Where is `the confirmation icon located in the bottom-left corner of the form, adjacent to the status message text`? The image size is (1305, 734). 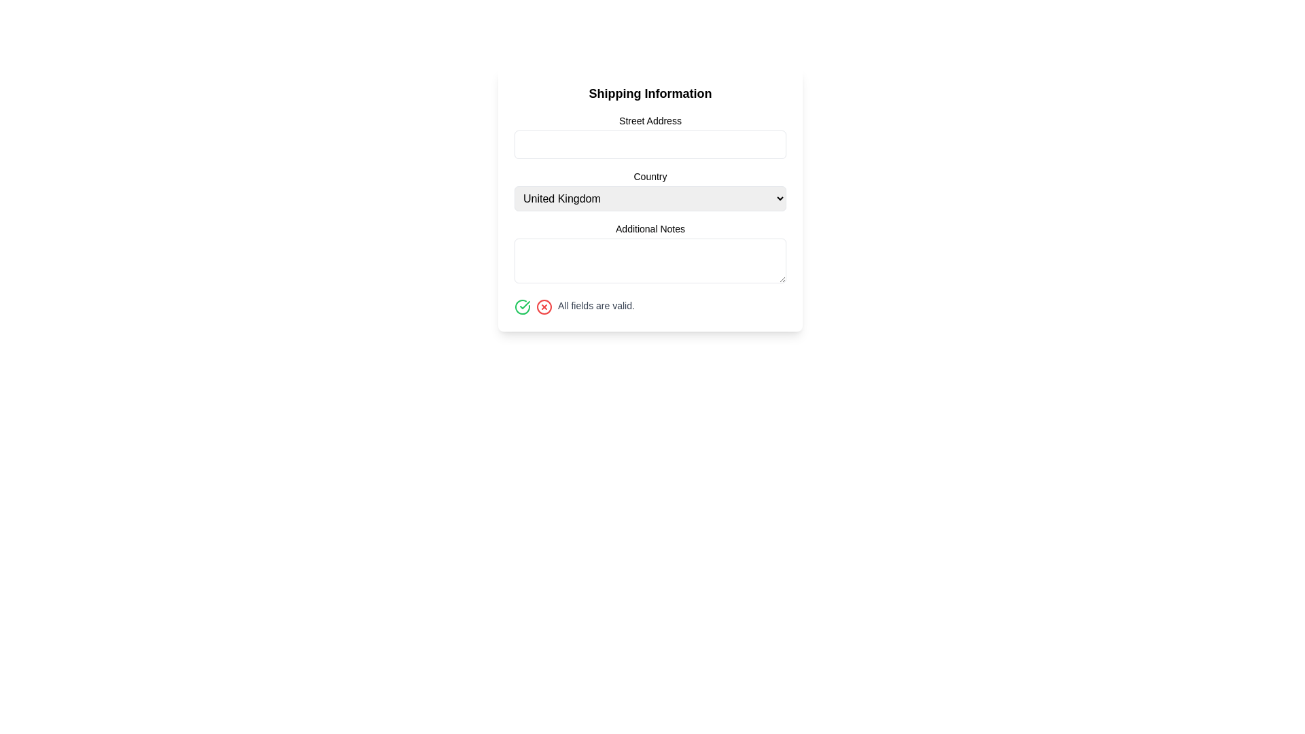
the confirmation icon located in the bottom-left corner of the form, adjacent to the status message text is located at coordinates (521, 307).